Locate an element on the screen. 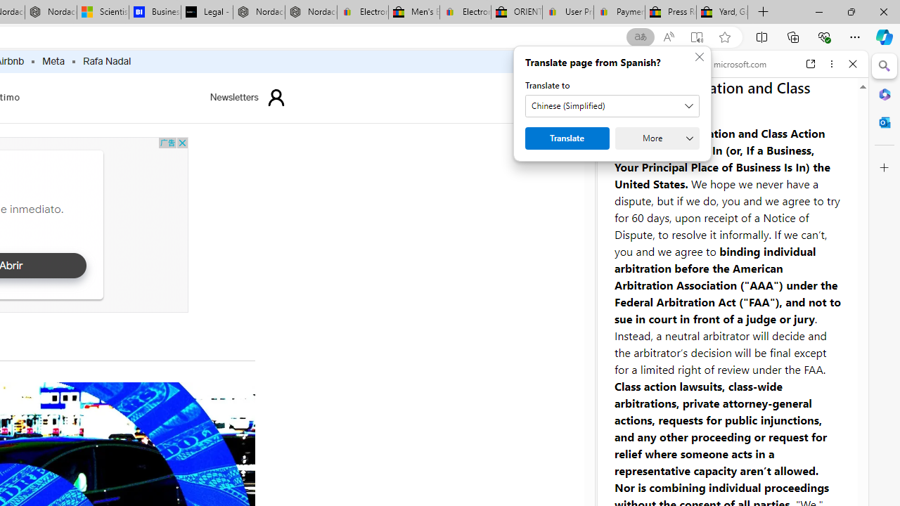 This screenshot has width=900, height=506. 'Payments Terms of Use | eBay.com' is located at coordinates (619, 12).